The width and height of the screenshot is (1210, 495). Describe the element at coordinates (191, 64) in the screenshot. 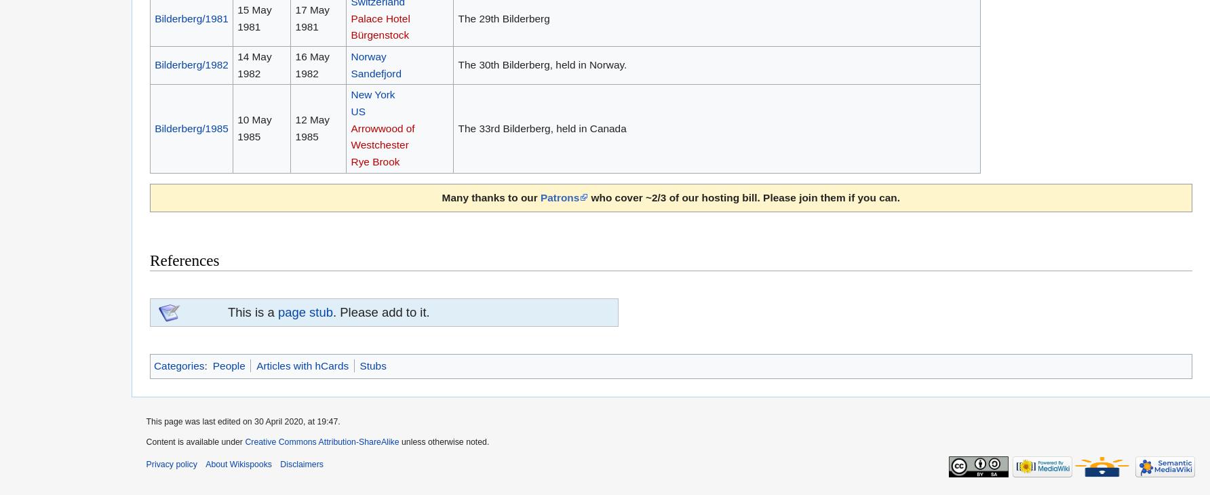

I see `'Bilderberg/1982'` at that location.